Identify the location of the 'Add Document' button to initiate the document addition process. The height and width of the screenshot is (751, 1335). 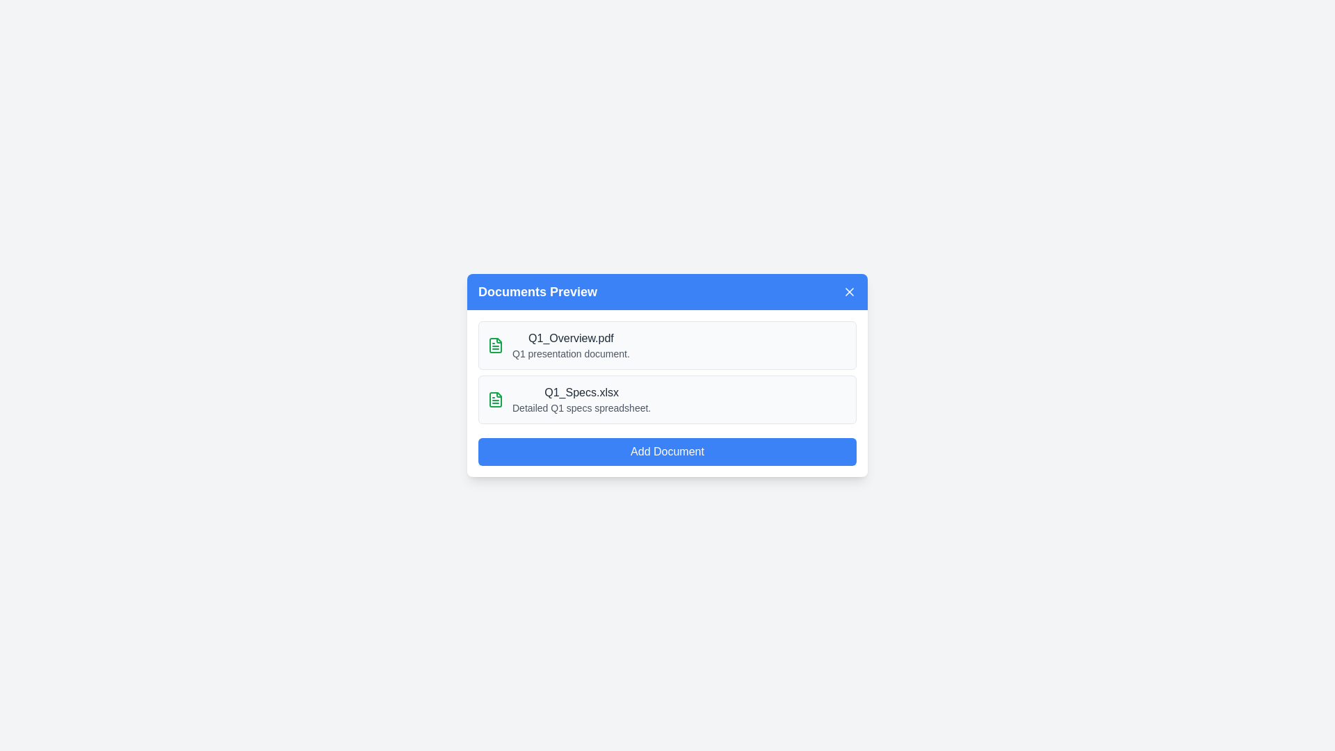
(667, 452).